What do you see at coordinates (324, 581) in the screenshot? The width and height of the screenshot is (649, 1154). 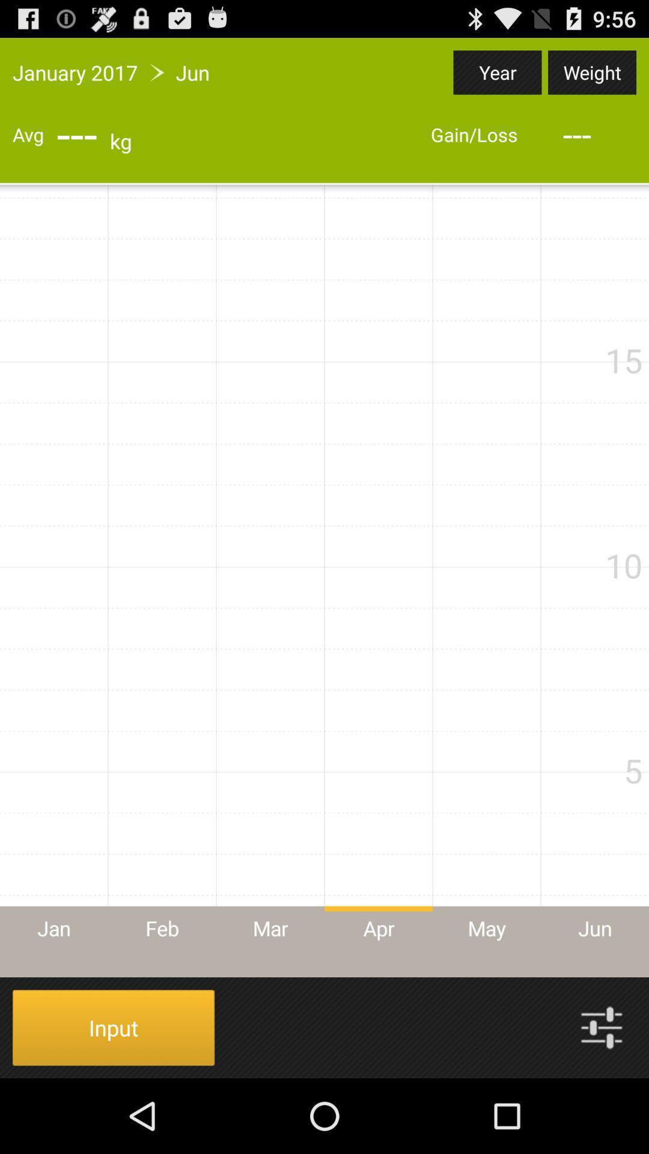 I see `icon at the center` at bounding box center [324, 581].